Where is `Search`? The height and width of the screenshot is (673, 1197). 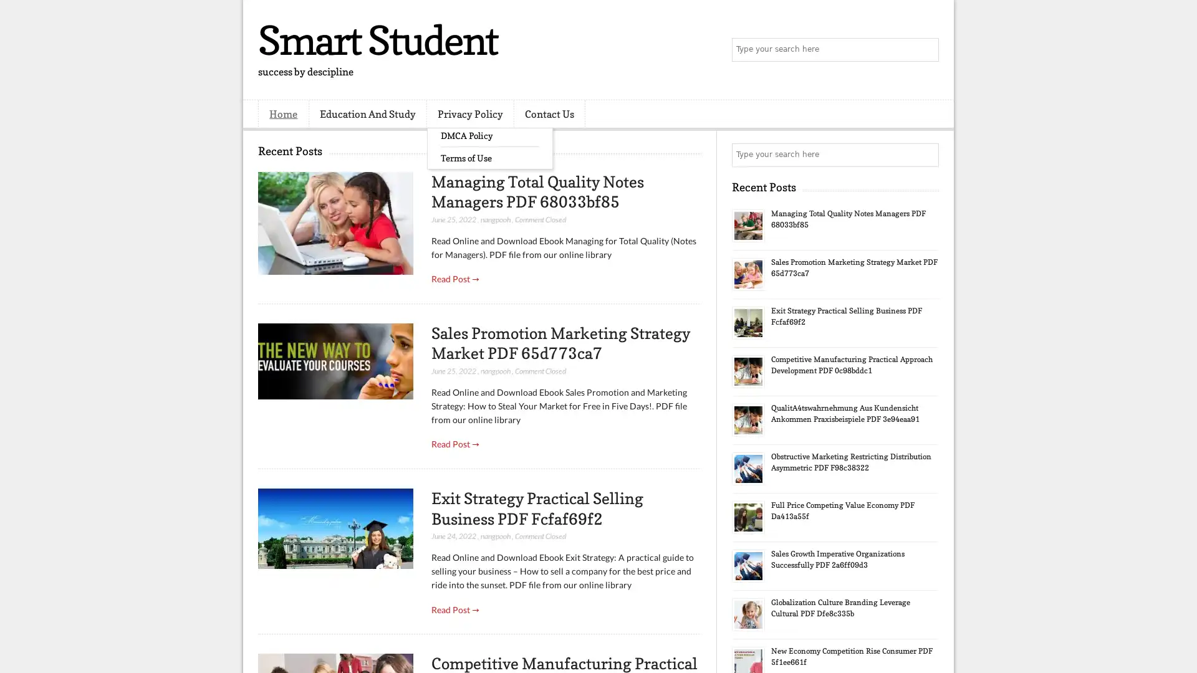 Search is located at coordinates (926, 155).